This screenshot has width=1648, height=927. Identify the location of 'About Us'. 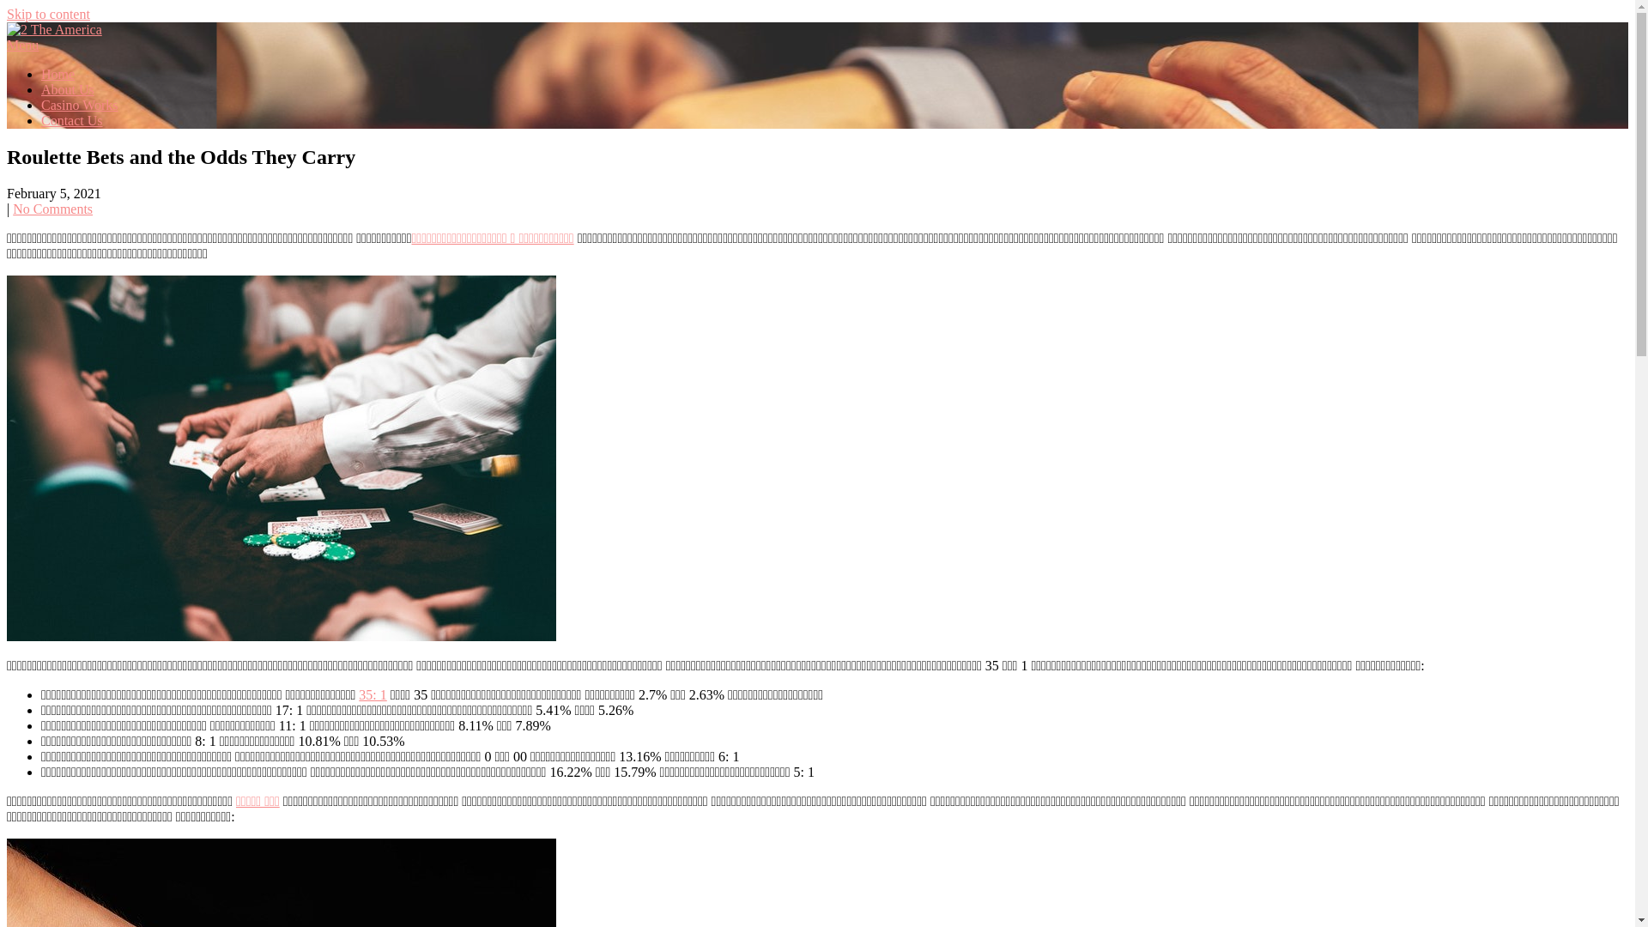
(67, 89).